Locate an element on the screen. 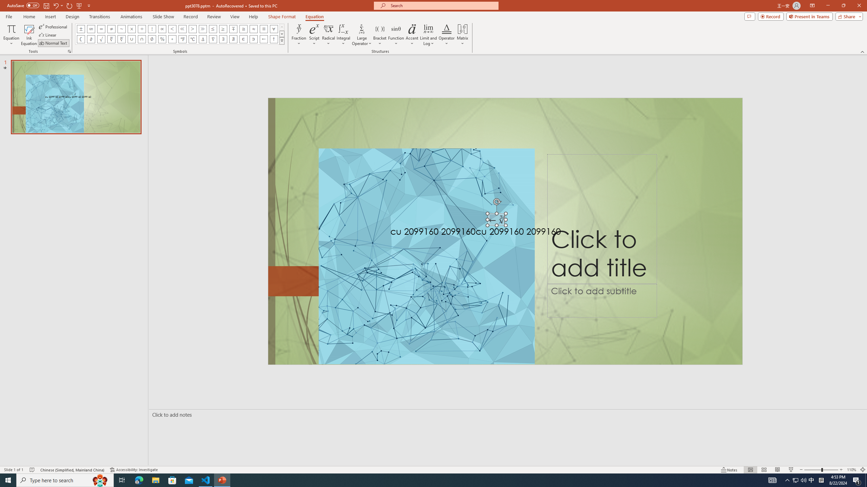  'Equation Symbol Percentage' is located at coordinates (162, 39).